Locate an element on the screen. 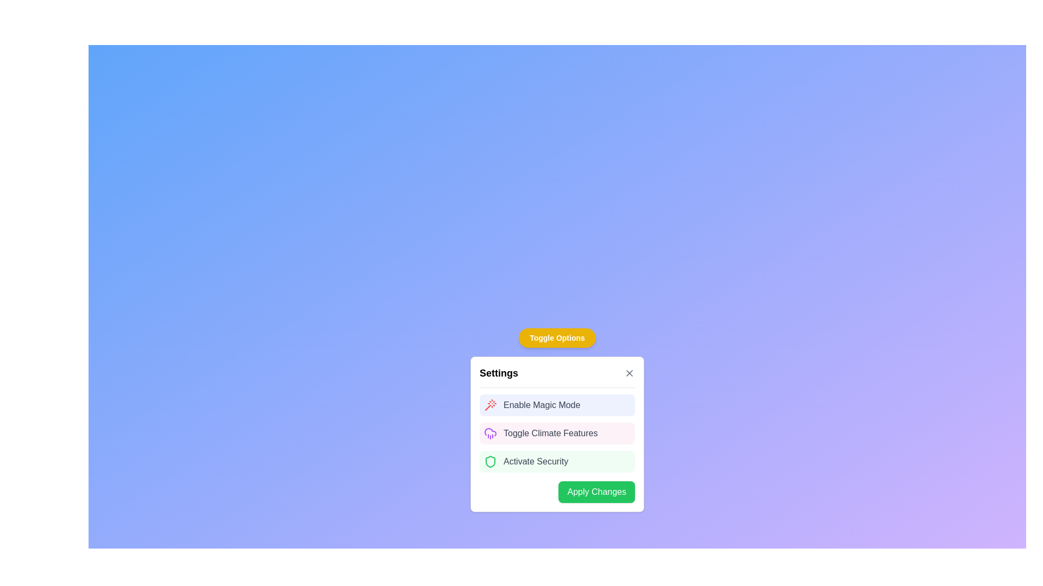  text label stating 'Toggle Climate Features' which is located in the settings dialog box beneath a purple cloud icon is located at coordinates (550, 432).